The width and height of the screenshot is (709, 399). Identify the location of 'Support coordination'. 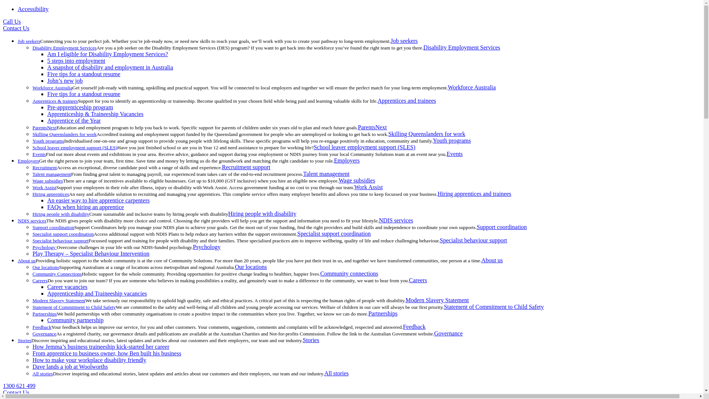
(53, 227).